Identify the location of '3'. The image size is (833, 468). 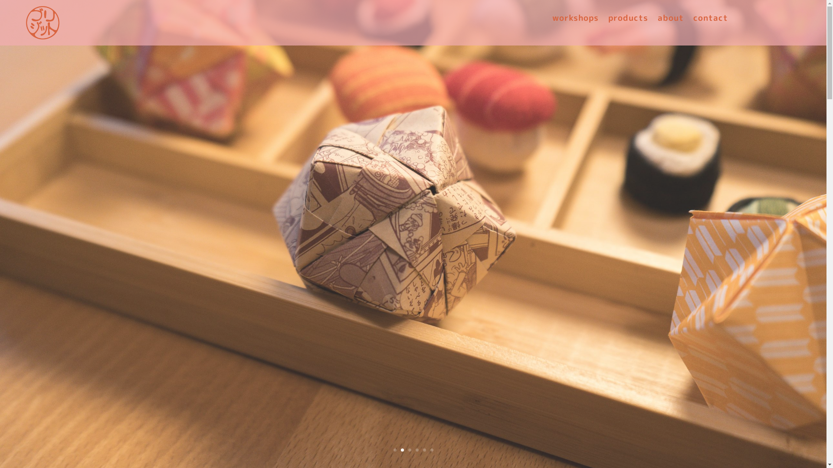
(409, 449).